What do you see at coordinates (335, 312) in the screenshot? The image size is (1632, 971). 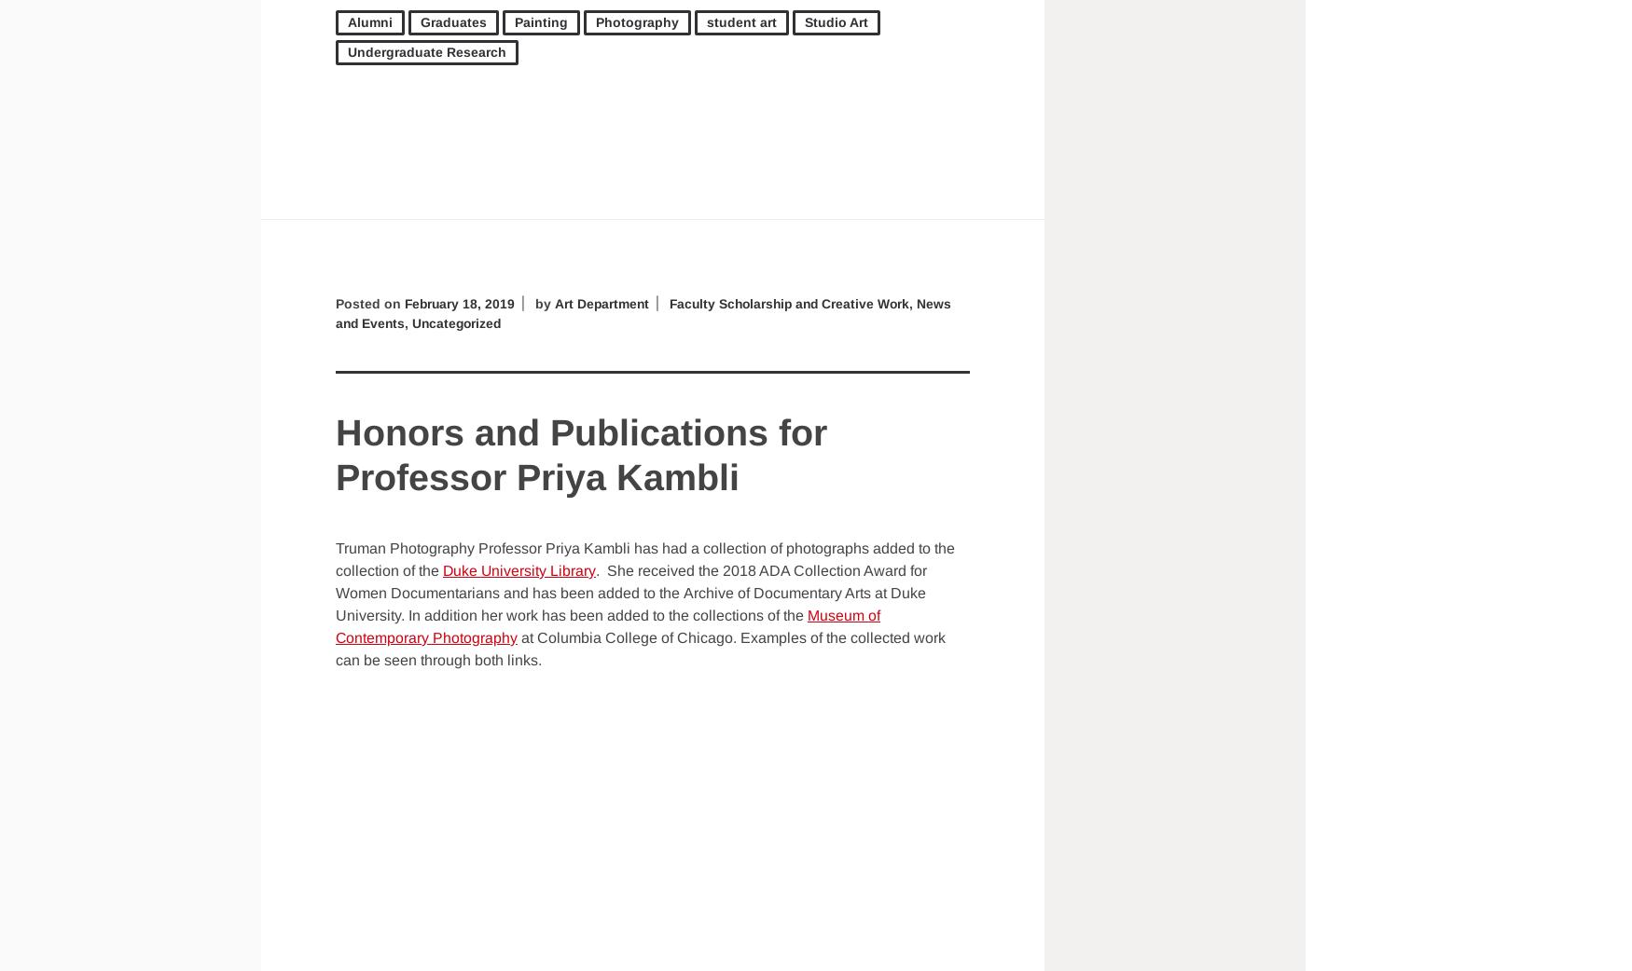 I see `'News and Events'` at bounding box center [335, 312].